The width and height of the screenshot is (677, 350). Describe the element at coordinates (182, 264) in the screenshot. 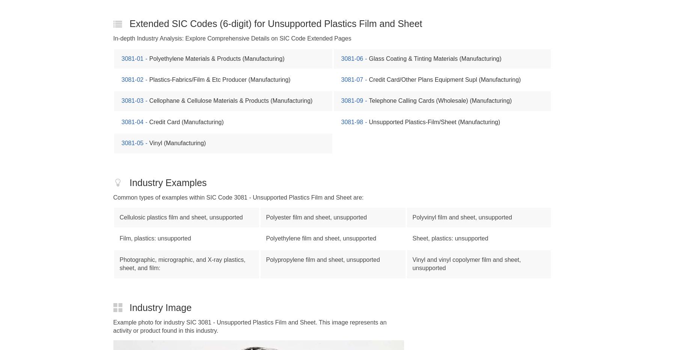

I see `'Photographic, micrographic, and X-ray plastics, sheet, and film:'` at that location.